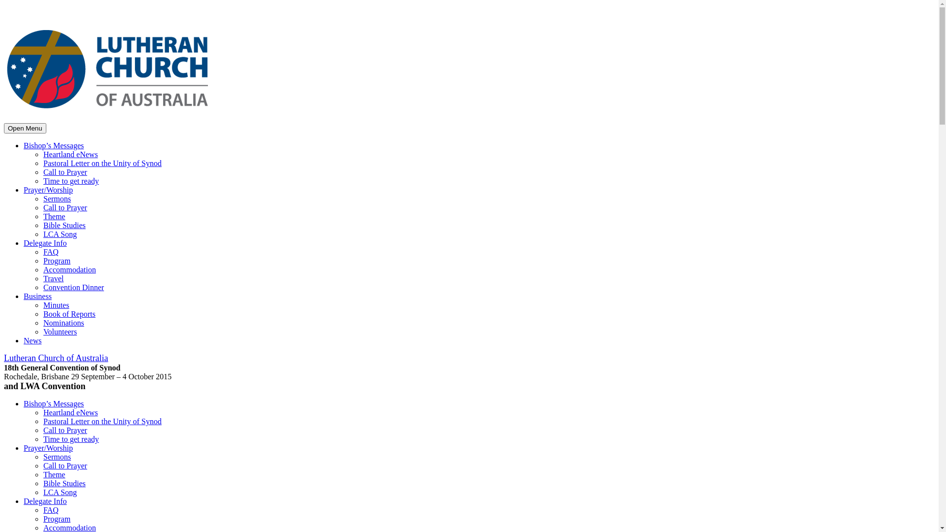  I want to click on 'Call to Prayer', so click(65, 171).